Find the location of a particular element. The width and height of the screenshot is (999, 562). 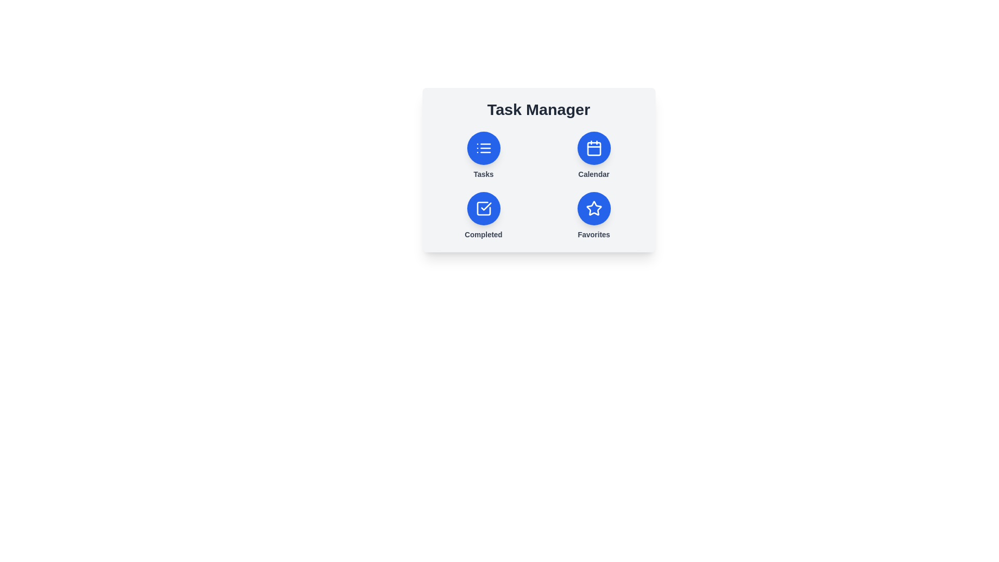

the 'Favorites' Icon Button located in the bottom-right corner of the 2x2 grid to possibly see additional information is located at coordinates (594, 209).